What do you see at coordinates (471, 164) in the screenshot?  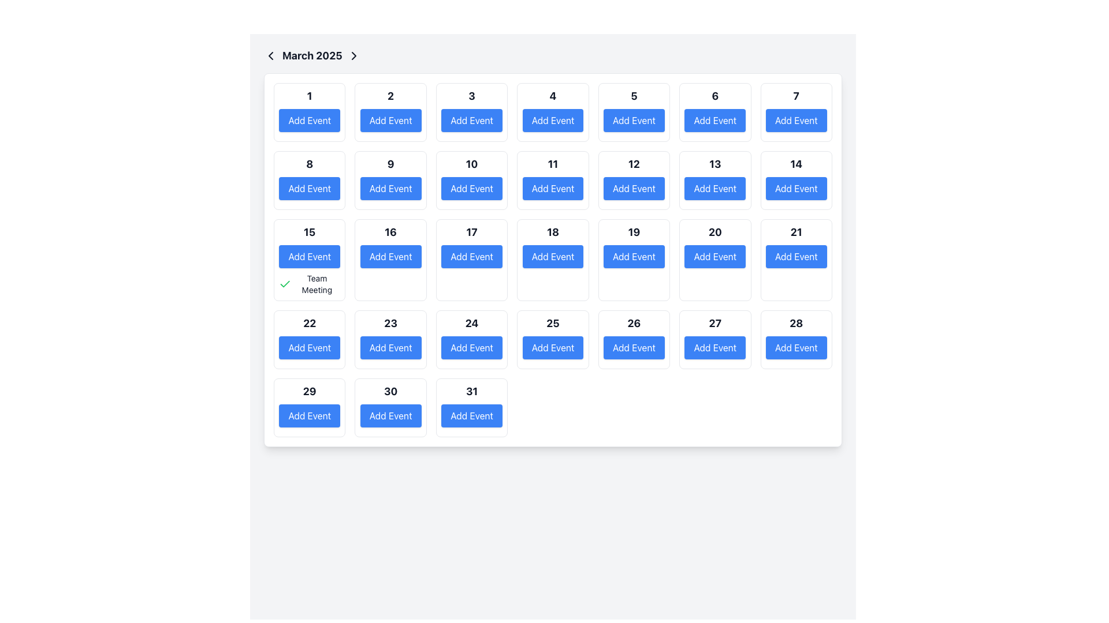 I see `the Text Display element showing the bold, large-sized text '10', which is located in the calendar grid structure, above the 'Add Event' button` at bounding box center [471, 164].